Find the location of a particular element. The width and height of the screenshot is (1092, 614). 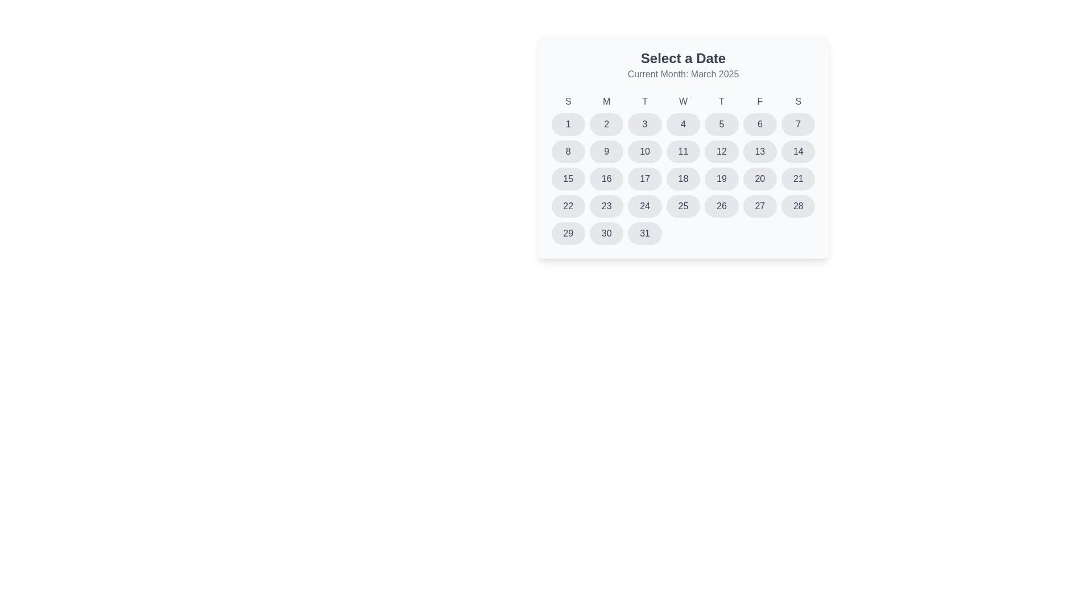

text 'Current Month: March 2025' displayed underneath the header 'Select a Date' in the date selection component is located at coordinates (682, 74).